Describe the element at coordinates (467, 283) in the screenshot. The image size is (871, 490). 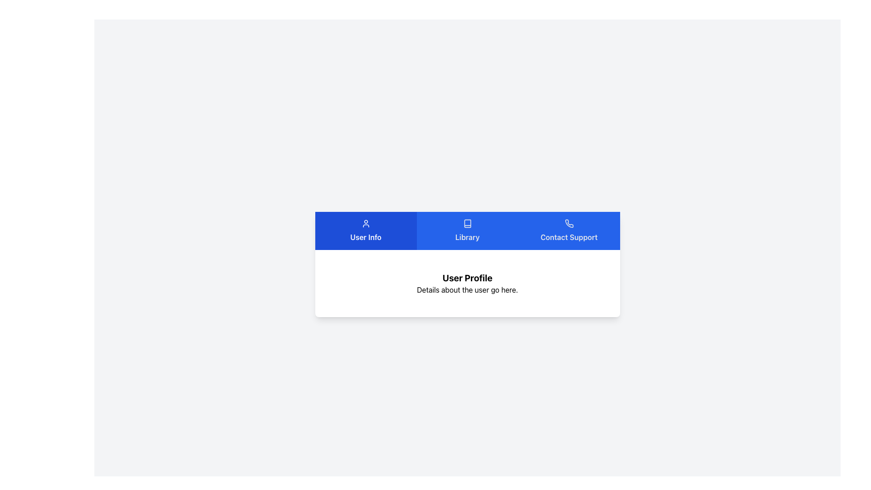
I see `the Text display component that shows 'User Profile' and 'Details about the user go here' located below the blue navigation bar` at that location.